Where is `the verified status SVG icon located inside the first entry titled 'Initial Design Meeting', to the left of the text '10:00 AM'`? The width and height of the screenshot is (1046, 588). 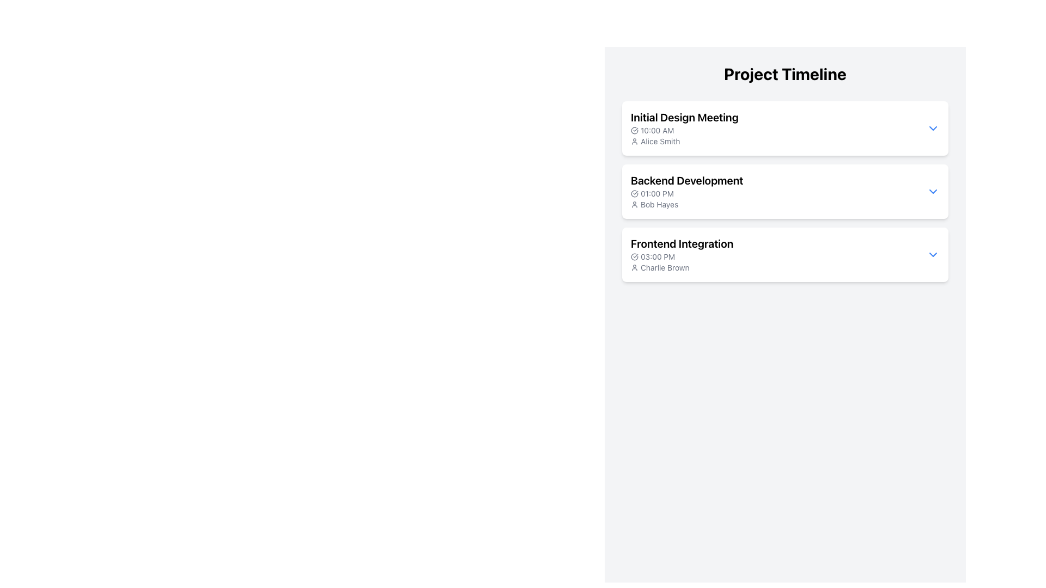 the verified status SVG icon located inside the first entry titled 'Initial Design Meeting', to the left of the text '10:00 AM' is located at coordinates (635, 130).